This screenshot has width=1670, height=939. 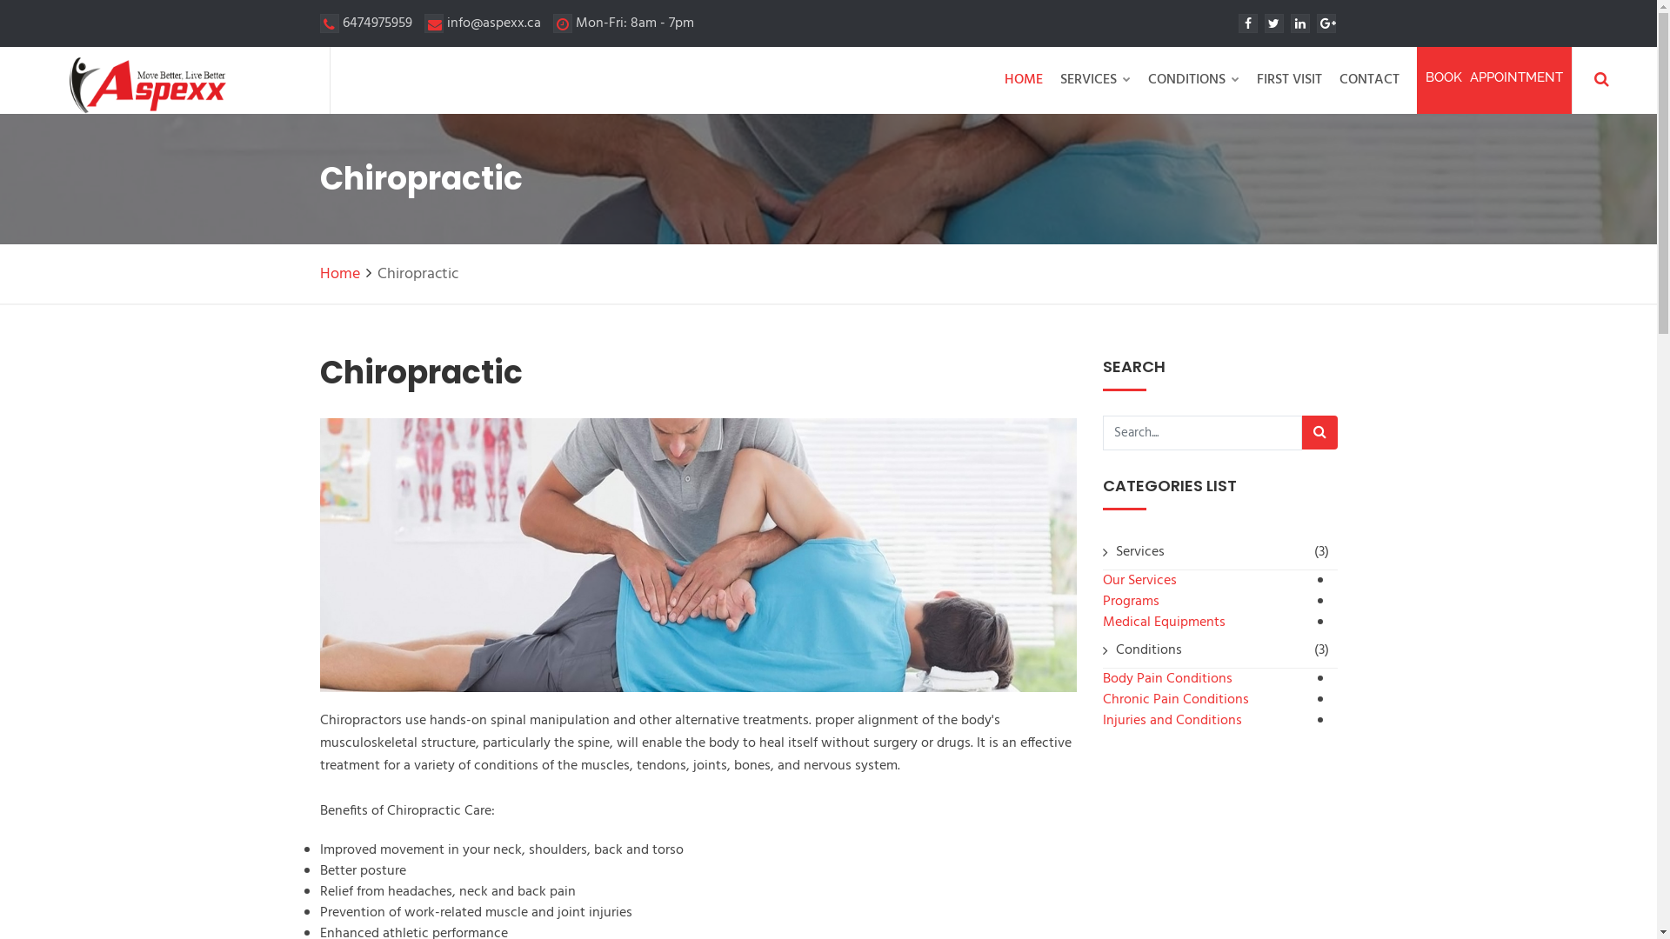 I want to click on 'Our Services', so click(x=1139, y=580).